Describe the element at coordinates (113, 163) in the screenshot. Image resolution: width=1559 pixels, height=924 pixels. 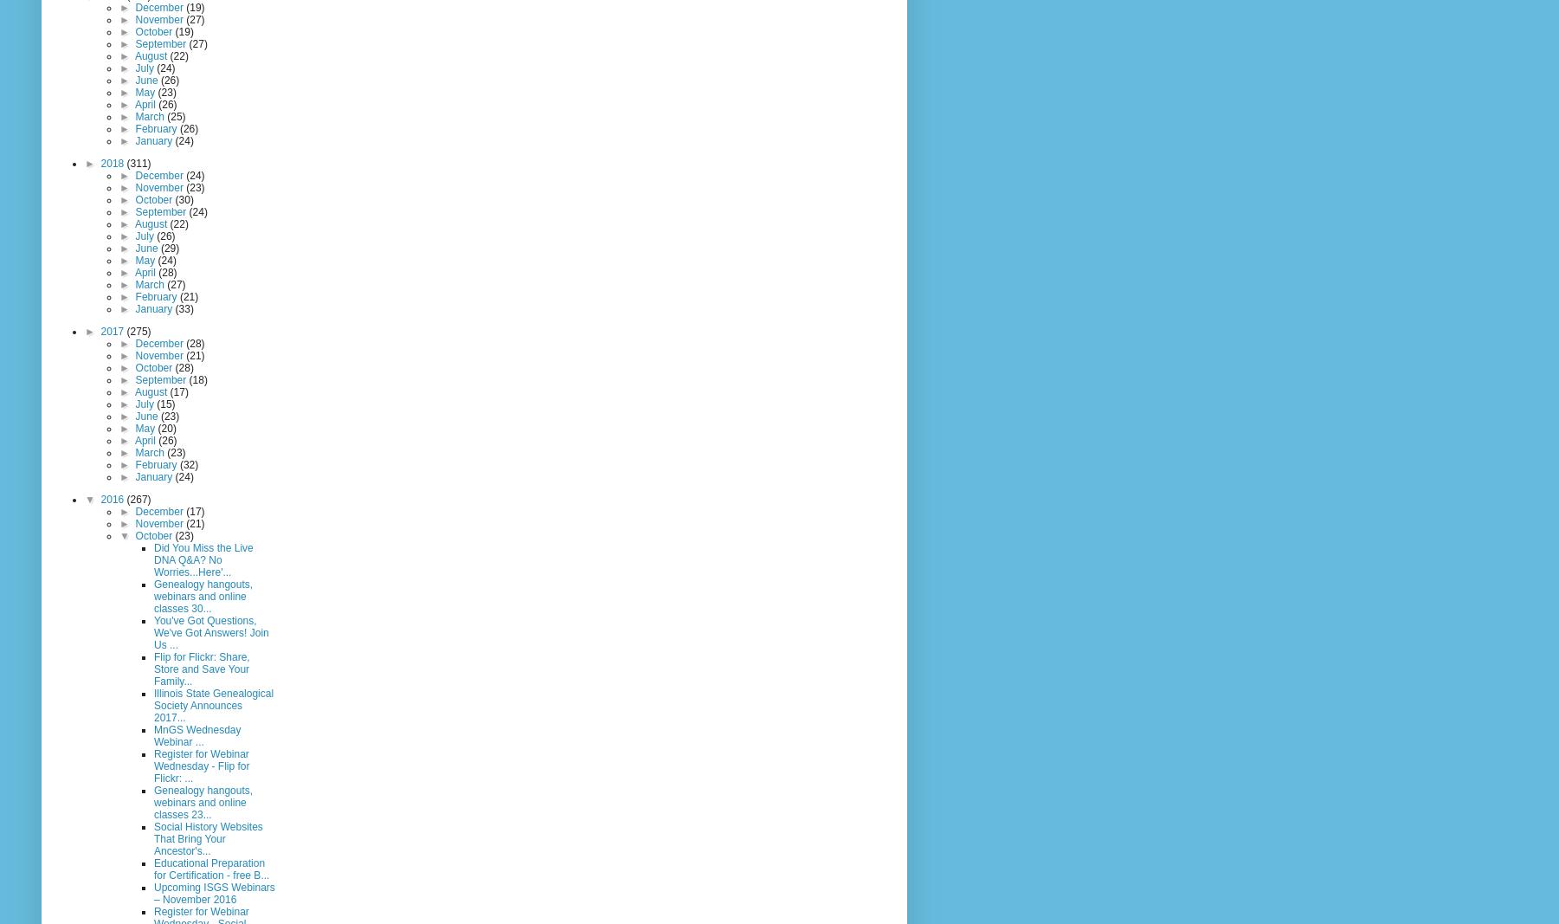
I see `'2018'` at that location.